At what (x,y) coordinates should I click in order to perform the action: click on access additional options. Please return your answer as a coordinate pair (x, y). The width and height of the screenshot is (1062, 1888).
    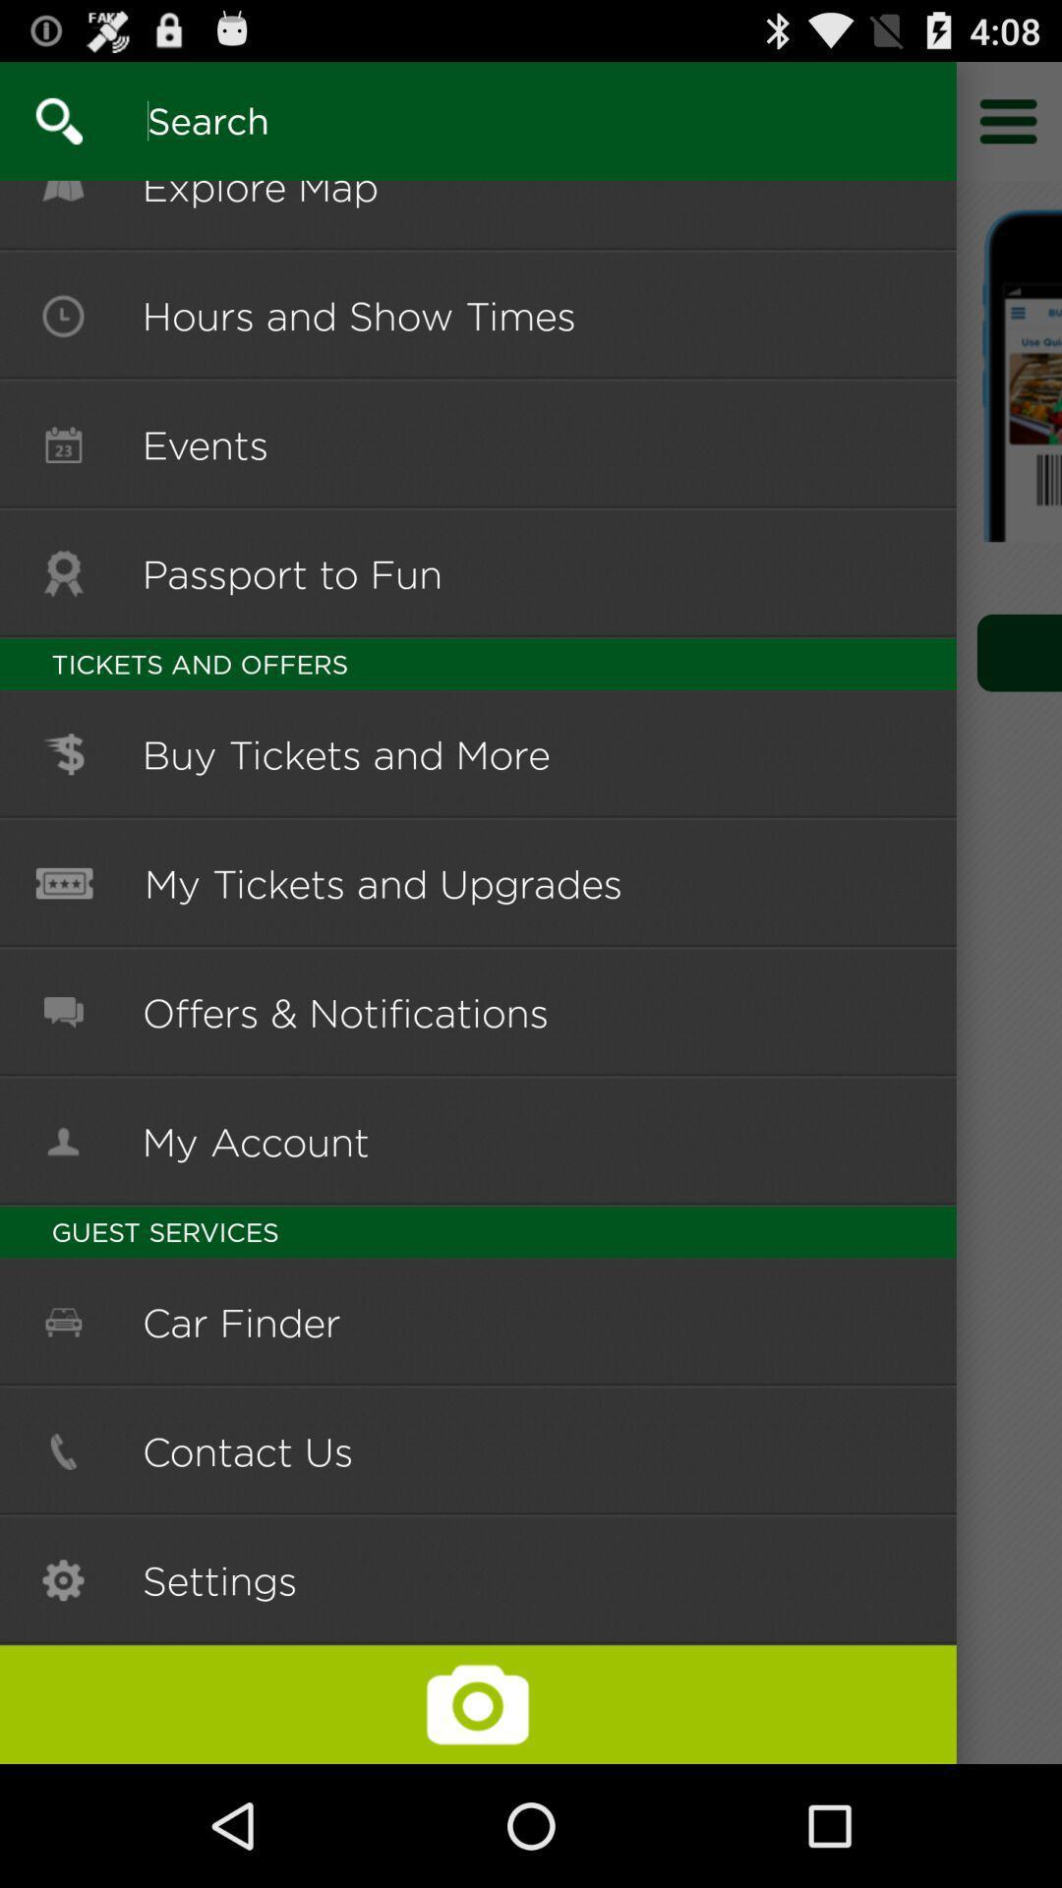
    Looking at the image, I should click on (1009, 120).